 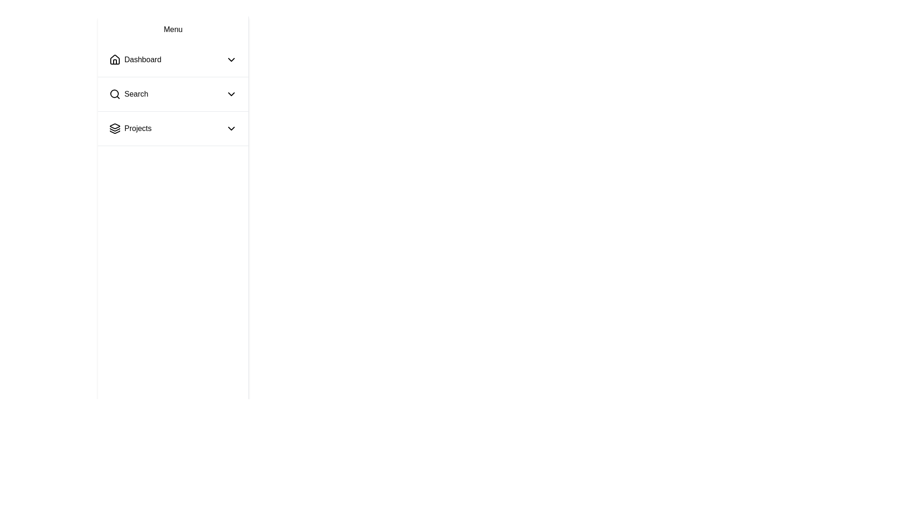 What do you see at coordinates (137, 129) in the screenshot?
I see `the 'Projects' navigation label in the vertical menu` at bounding box center [137, 129].